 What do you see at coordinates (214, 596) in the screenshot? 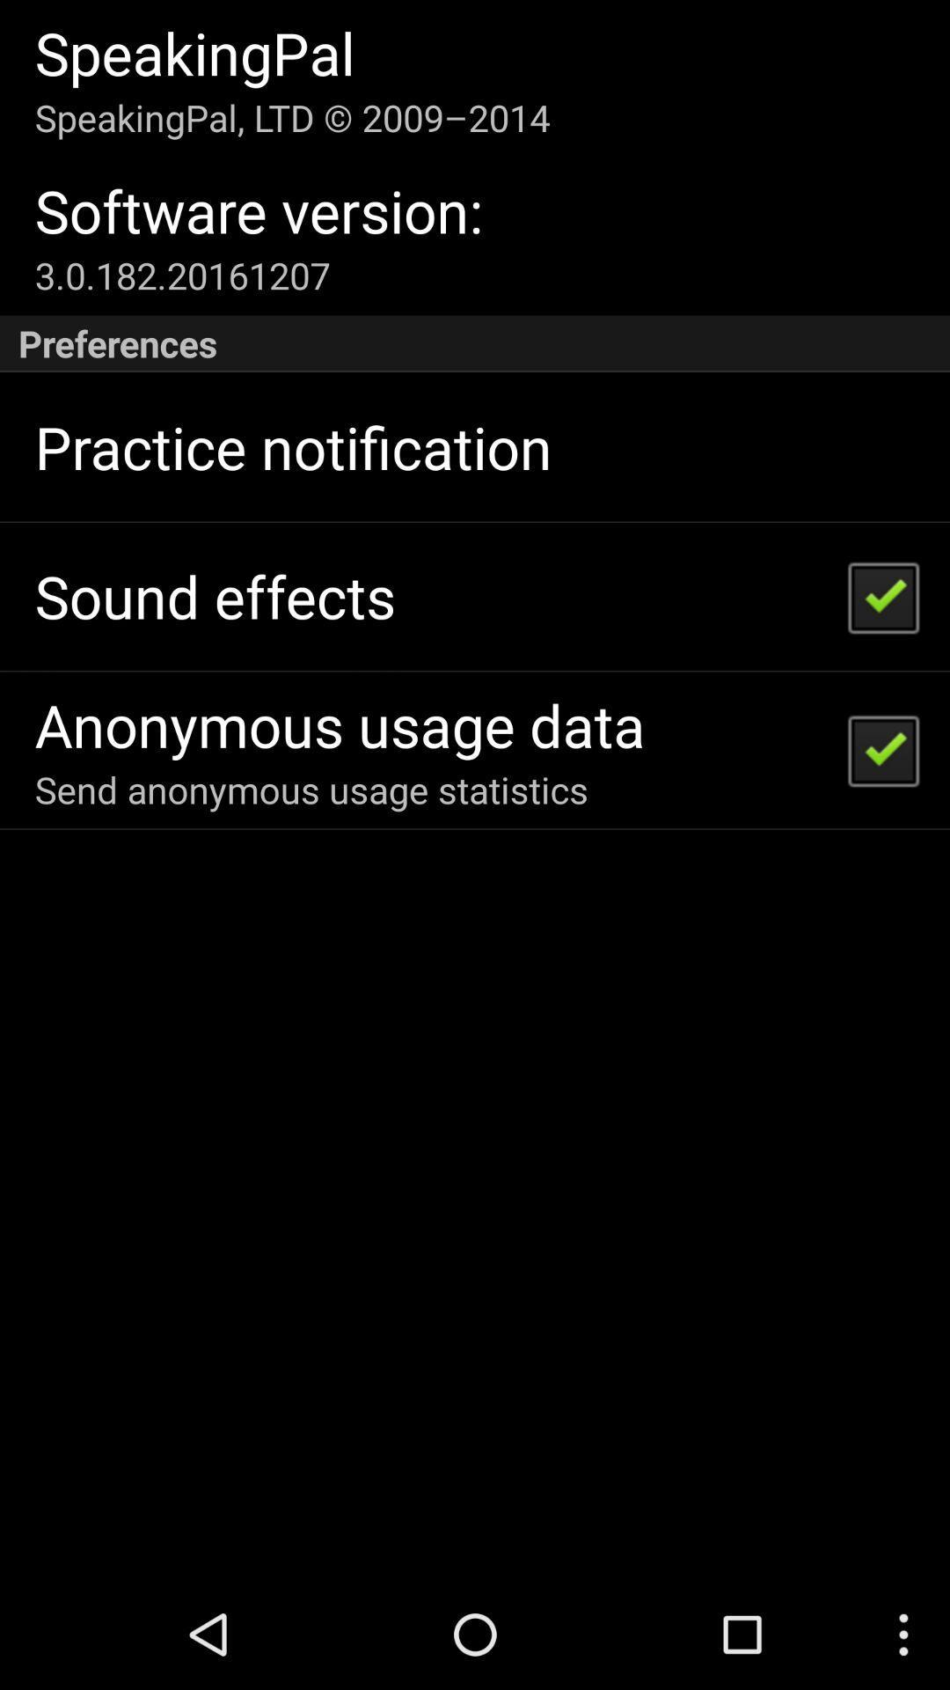
I see `sound effects app` at bounding box center [214, 596].